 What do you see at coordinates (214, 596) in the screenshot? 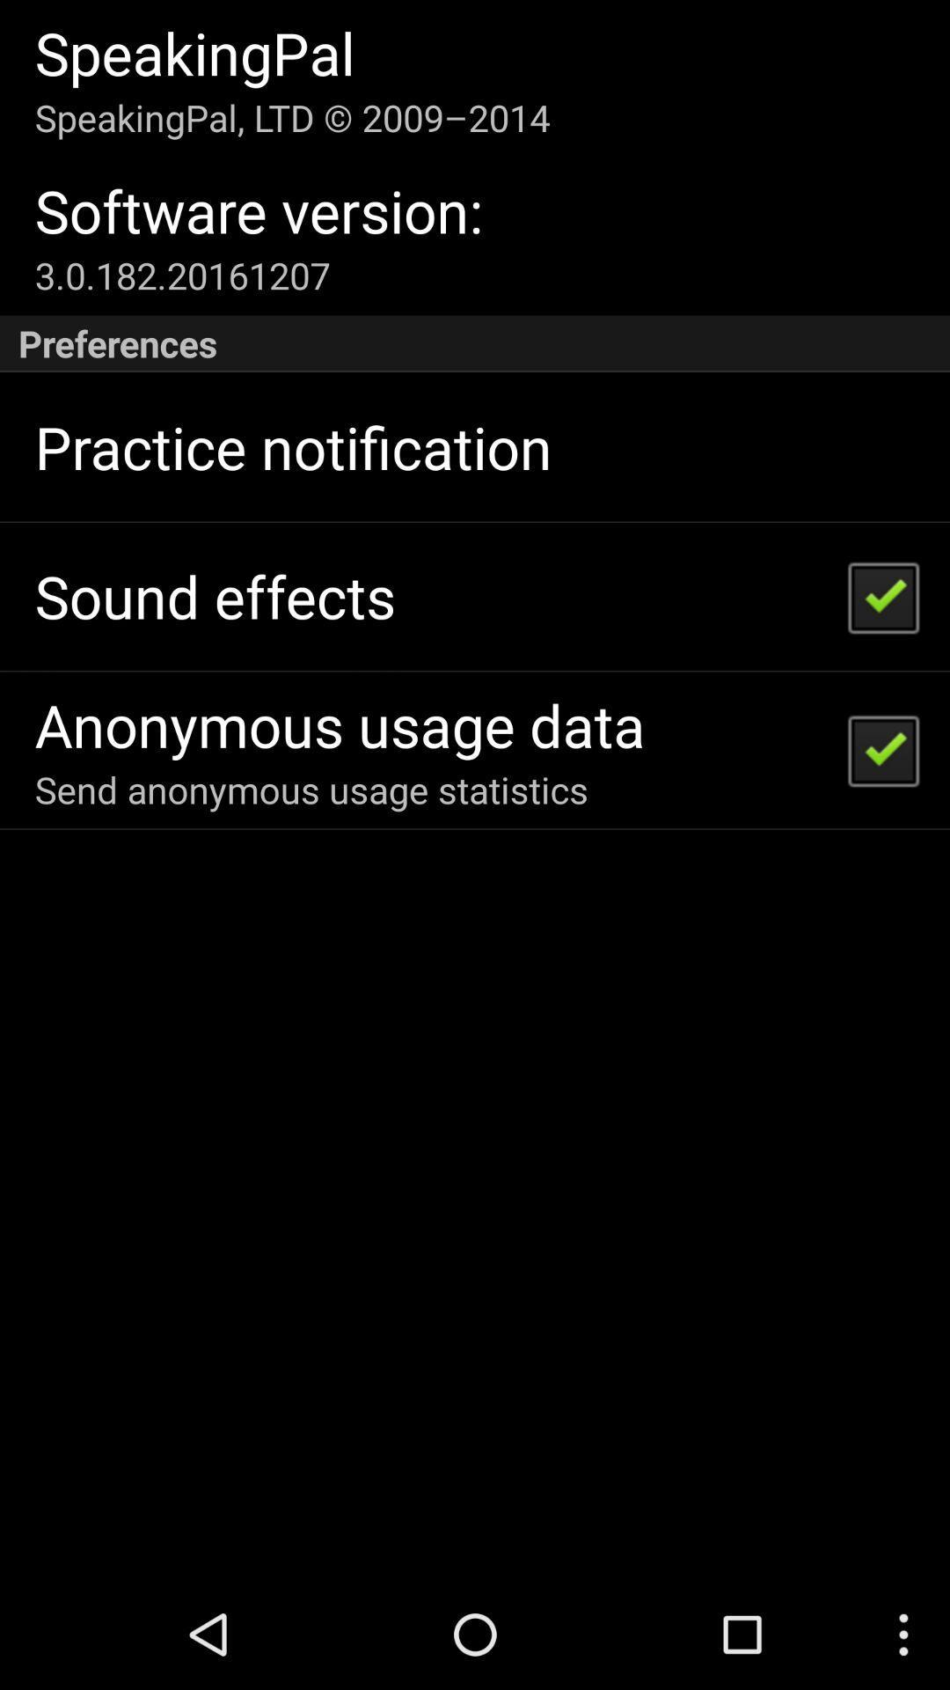
I see `sound effects app` at bounding box center [214, 596].